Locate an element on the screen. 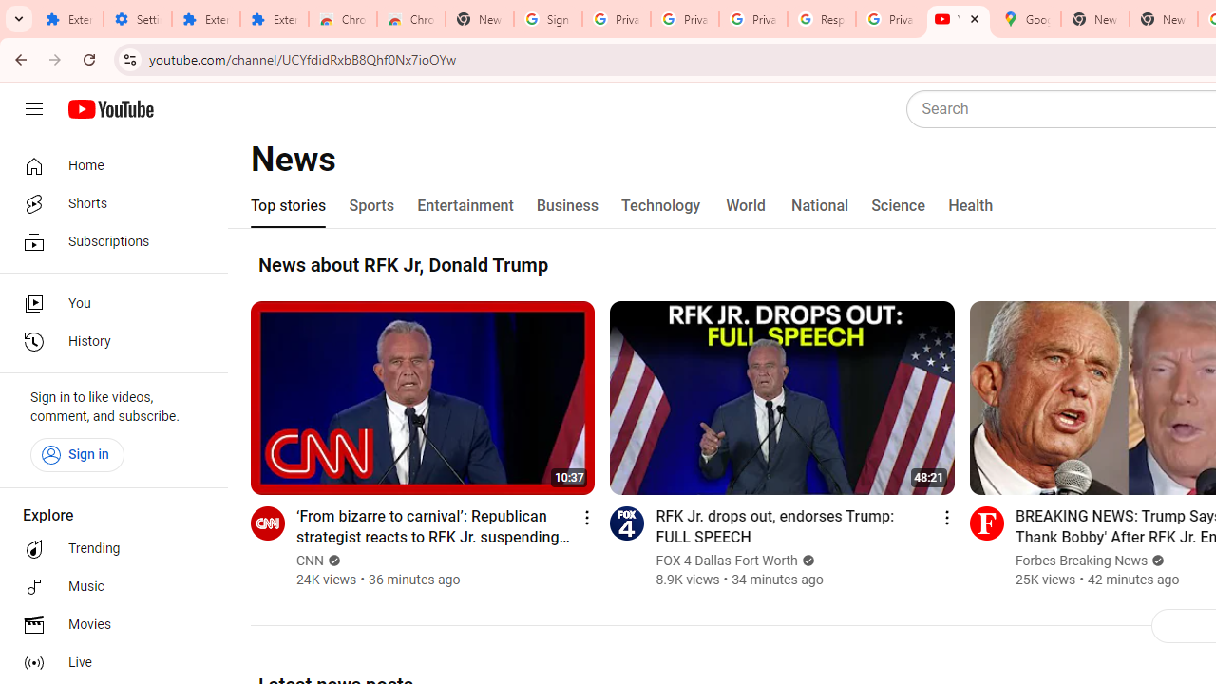 This screenshot has height=684, width=1216. 'Science' is located at coordinates (897, 206).